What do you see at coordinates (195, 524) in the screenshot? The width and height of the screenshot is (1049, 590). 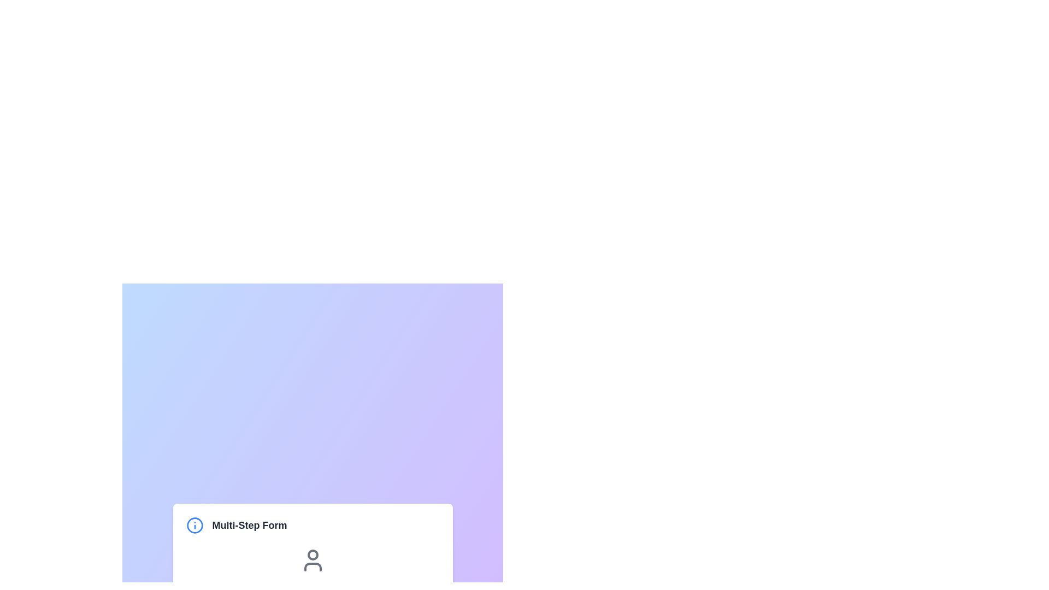 I see `the circular informational icon with a blue outline and 'i' symbol, which is positioned to the left of the 'Multi-Step Form' heading` at bounding box center [195, 524].